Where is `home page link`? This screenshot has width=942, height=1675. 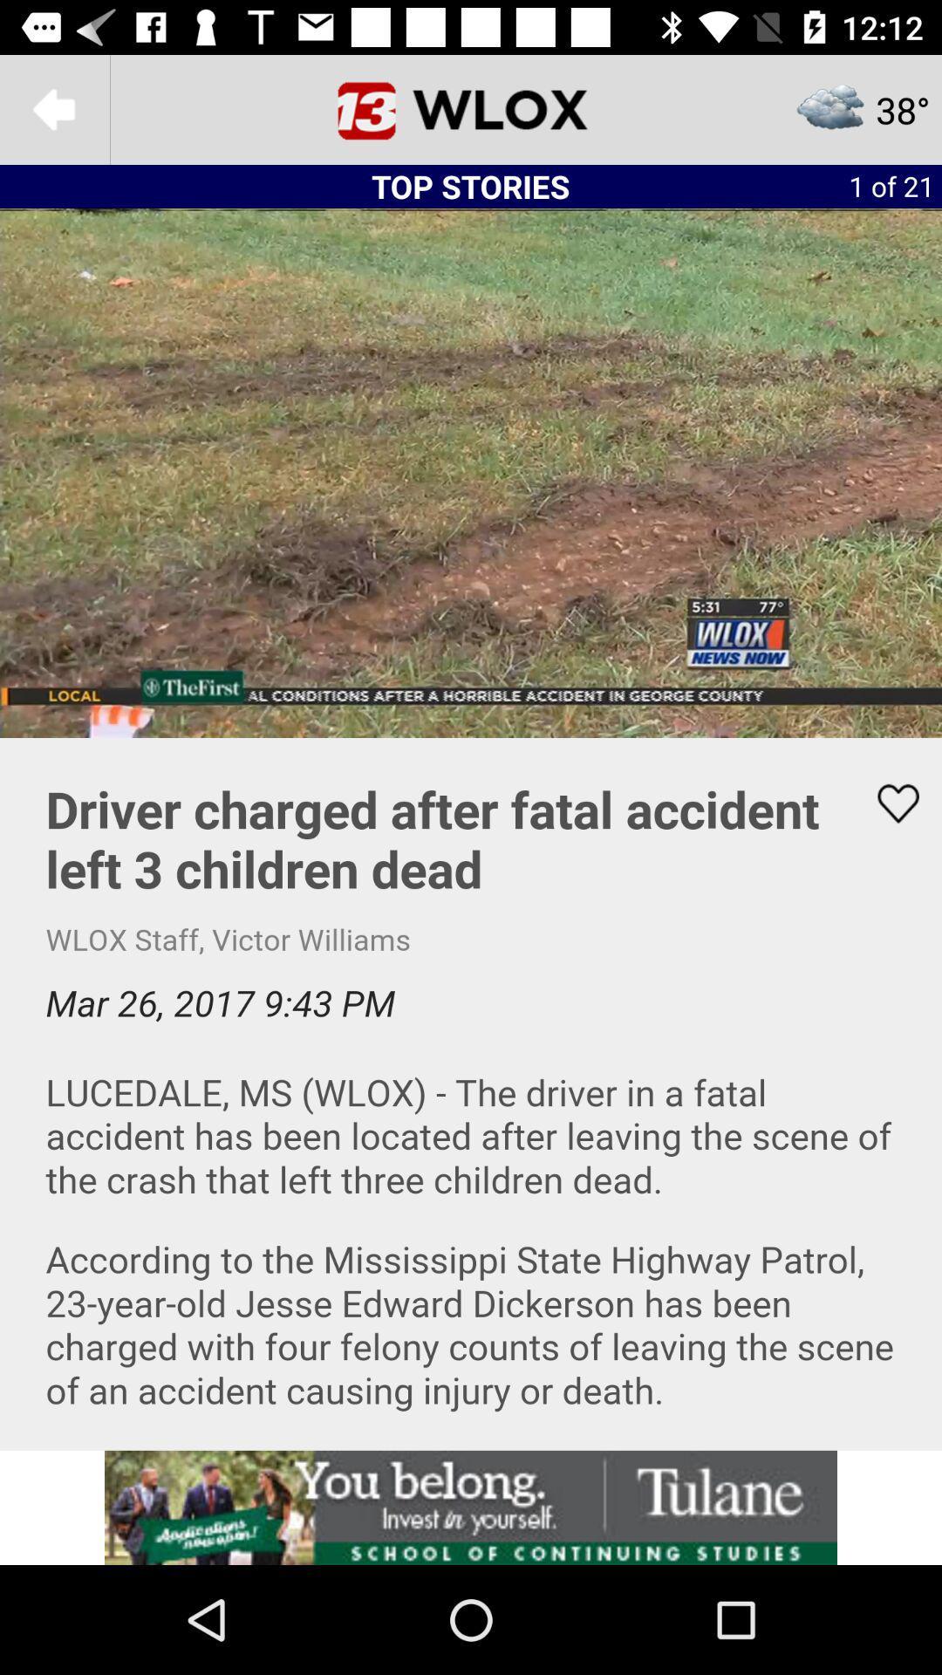 home page link is located at coordinates (471, 108).